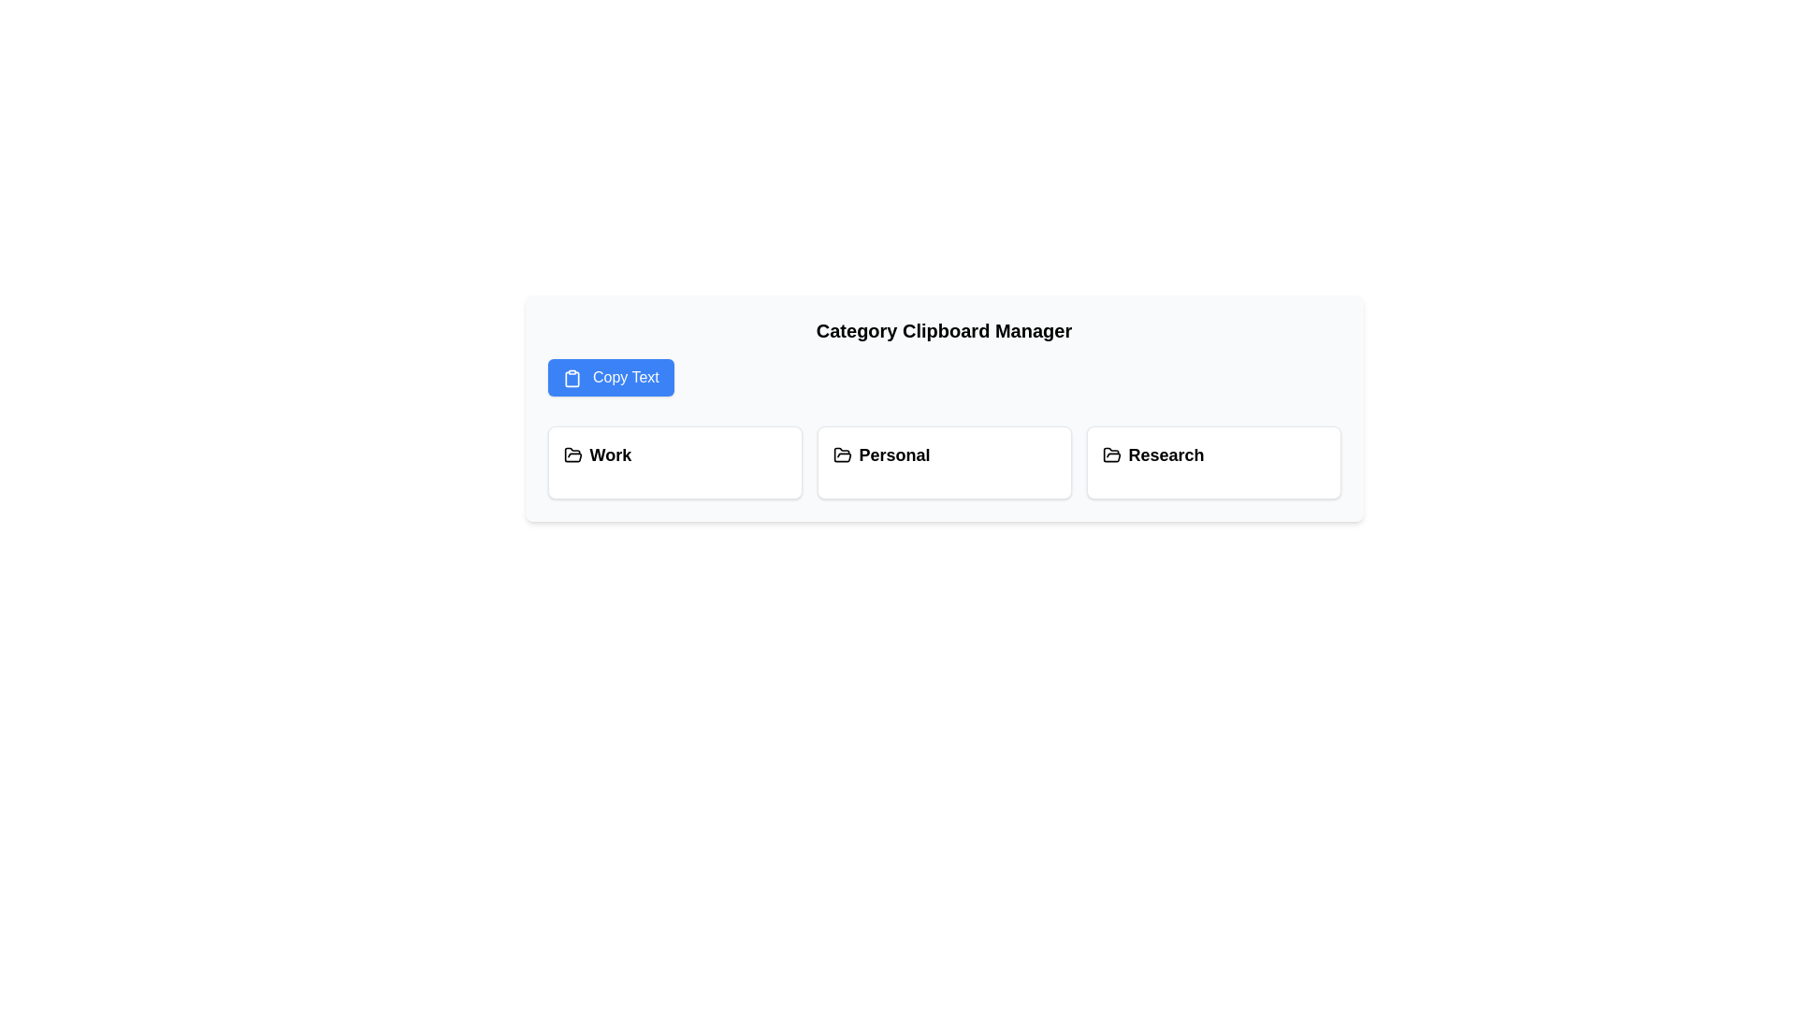  Describe the element at coordinates (572, 454) in the screenshot. I see `the folder icon located to the left of the text label 'Work' in the interface` at that location.